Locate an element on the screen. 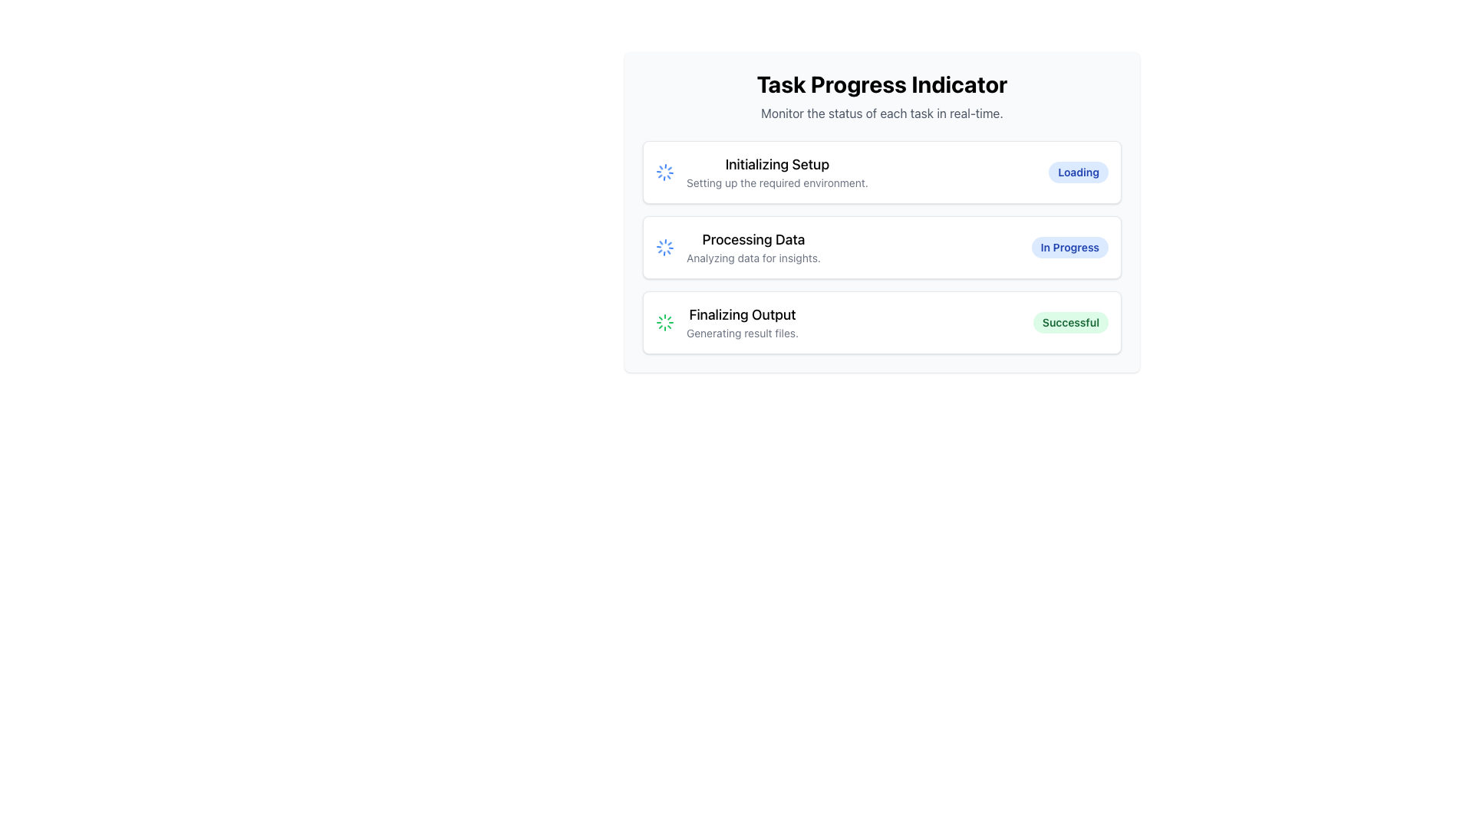  the second Informational Card in the vertical list, which displays the progress status of the task, located below the 'Initializing Setup' card and above the 'Finalizing Output' card is located at coordinates (882, 247).